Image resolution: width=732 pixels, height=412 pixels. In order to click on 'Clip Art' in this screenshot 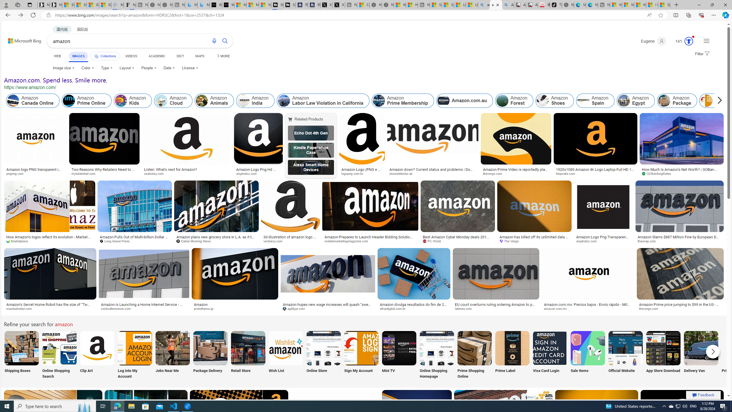, I will do `click(97, 355)`.